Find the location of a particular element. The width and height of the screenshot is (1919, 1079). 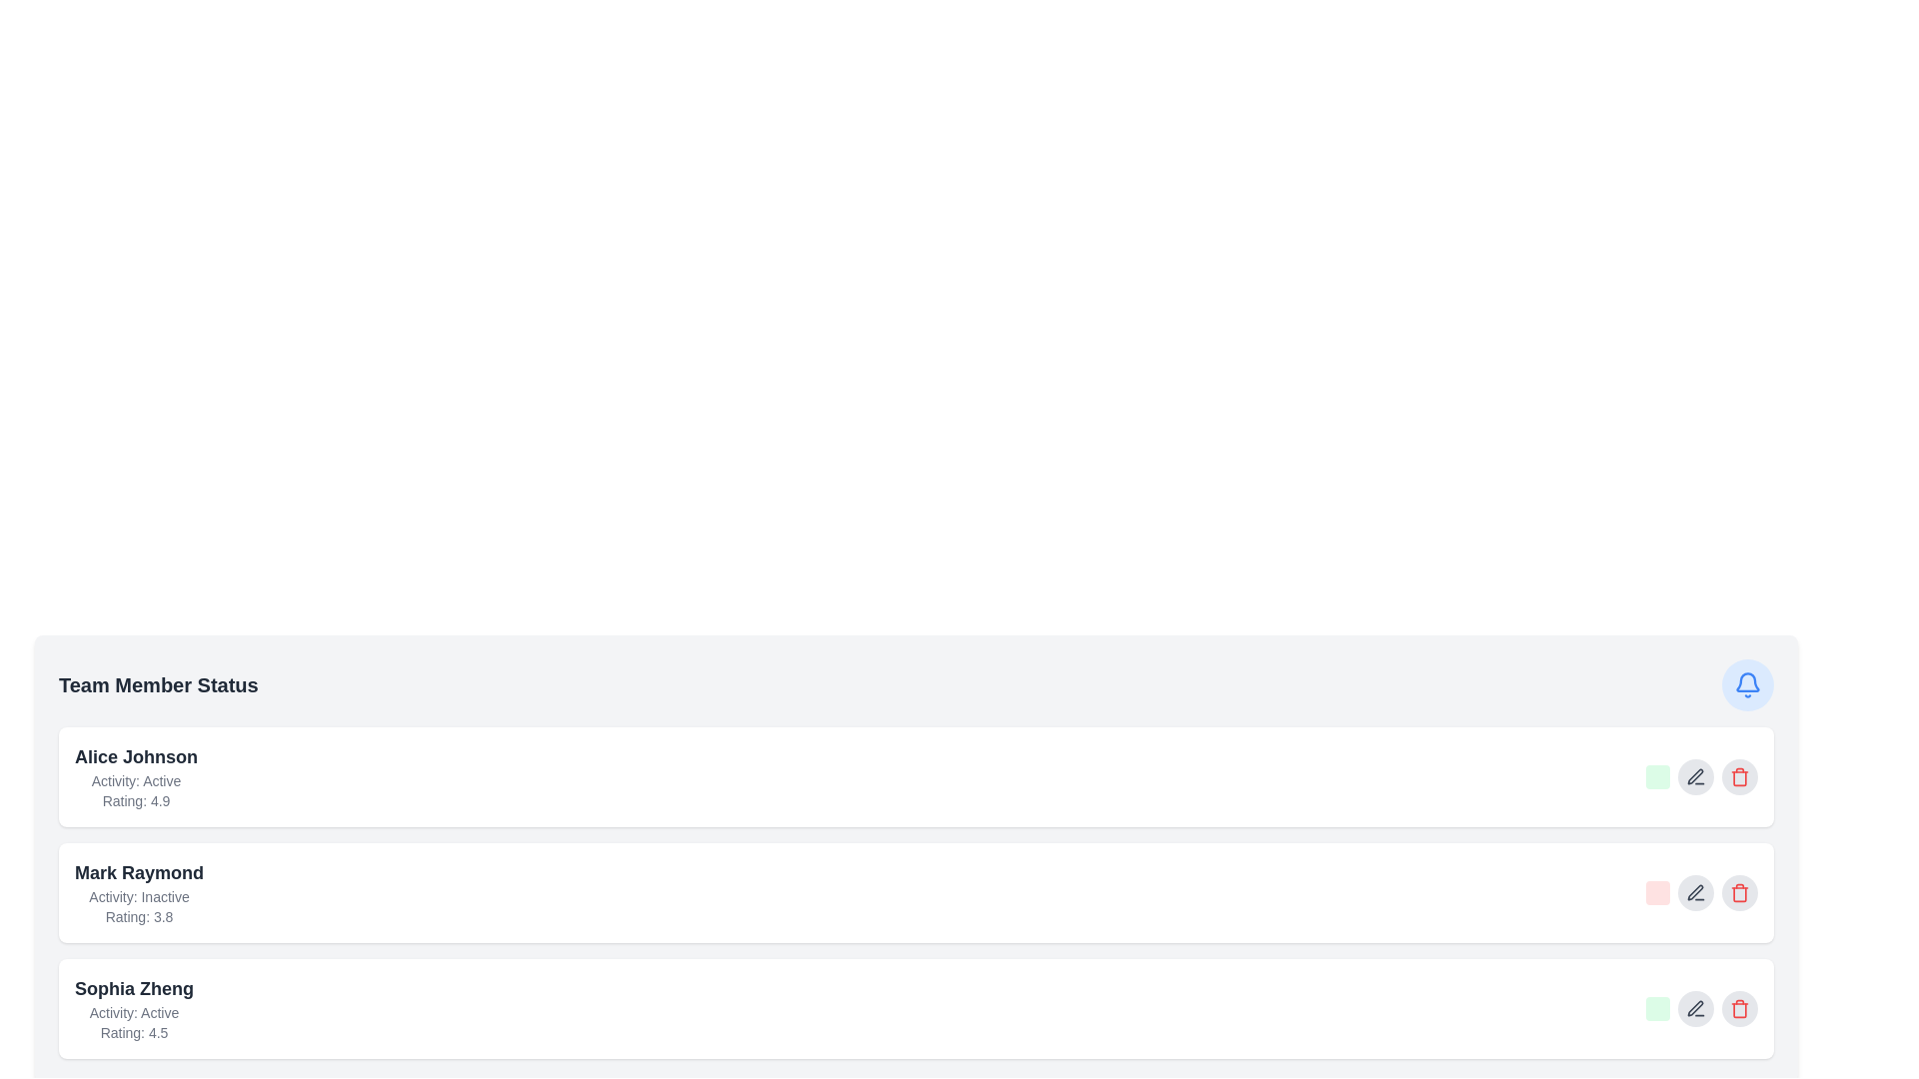

the circular graphic icon located within the green badge labeled 'Active' at the bottom row of the team members list is located at coordinates (1669, 1013).